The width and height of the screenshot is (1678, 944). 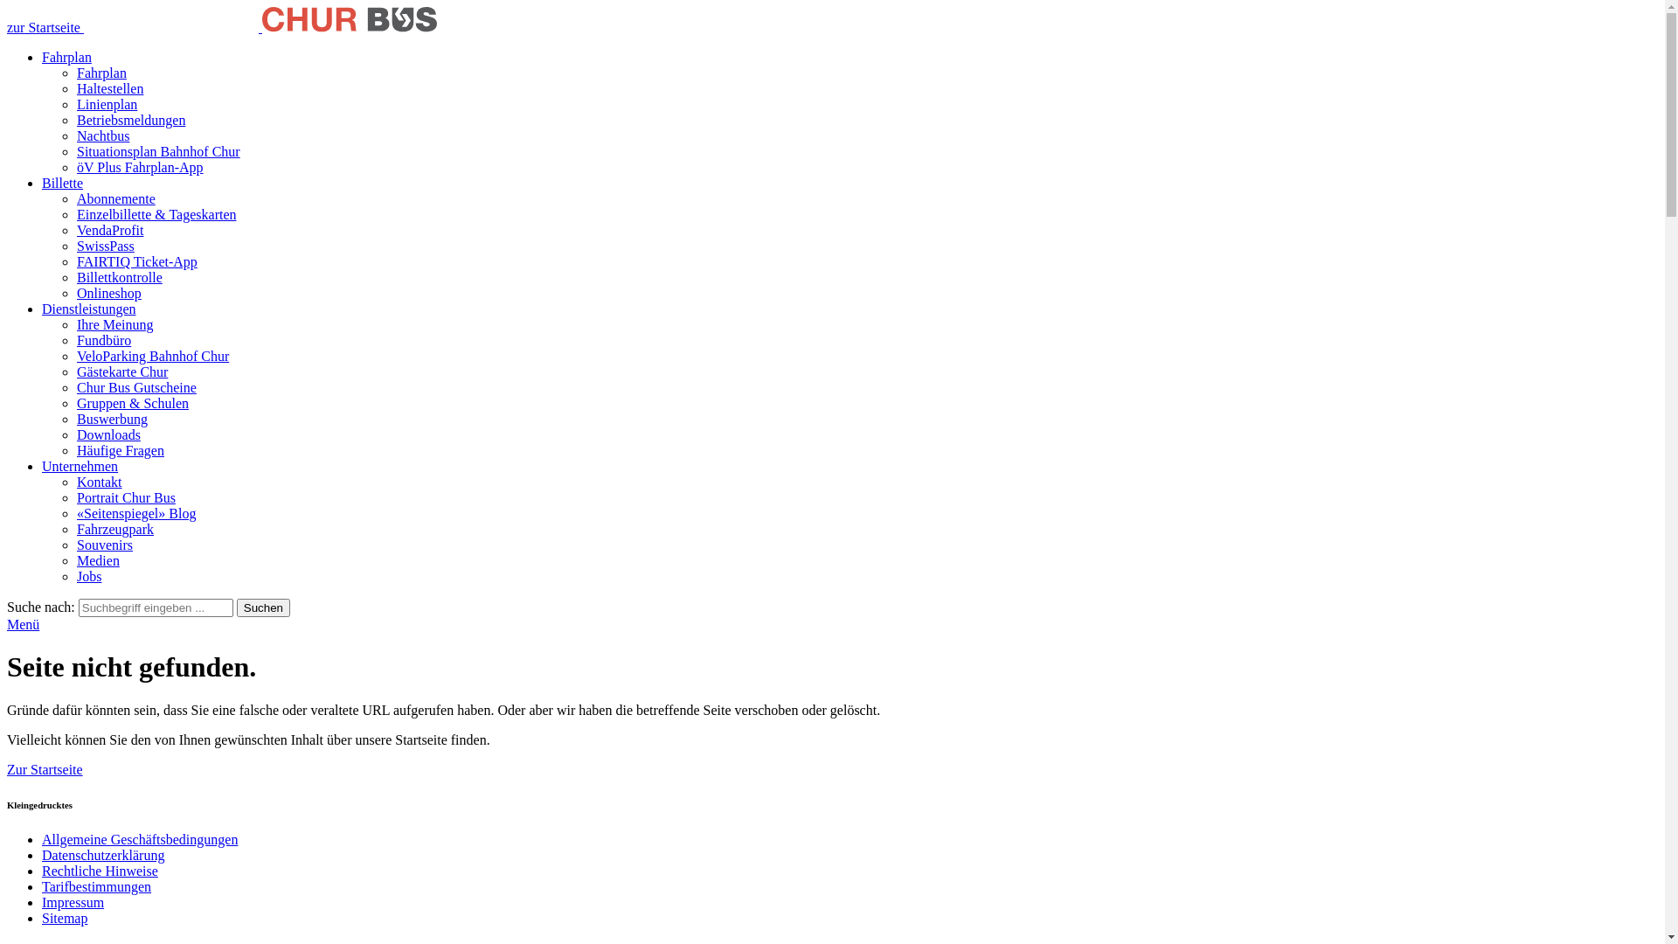 What do you see at coordinates (75, 386) in the screenshot?
I see `'Chur Bus Gutscheine'` at bounding box center [75, 386].